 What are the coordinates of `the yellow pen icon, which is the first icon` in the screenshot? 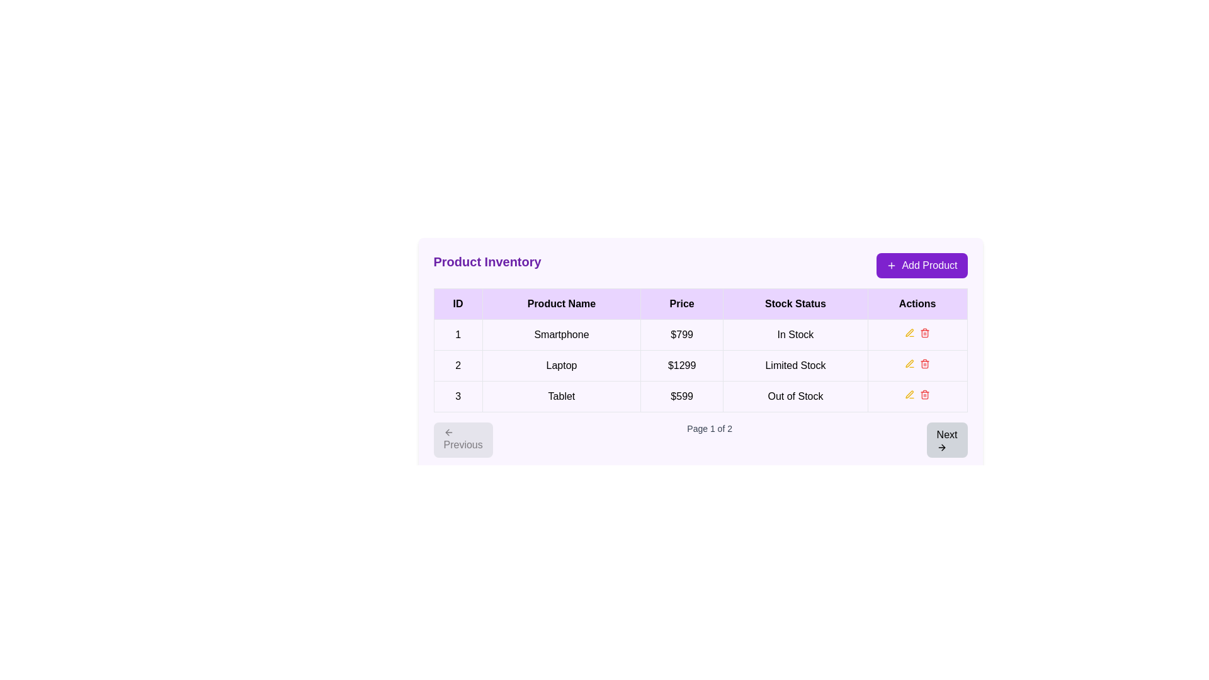 It's located at (910, 332).